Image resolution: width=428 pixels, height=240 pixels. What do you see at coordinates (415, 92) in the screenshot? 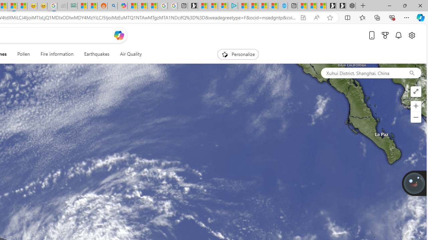
I see `'Enter full screen mode'` at bounding box center [415, 92].